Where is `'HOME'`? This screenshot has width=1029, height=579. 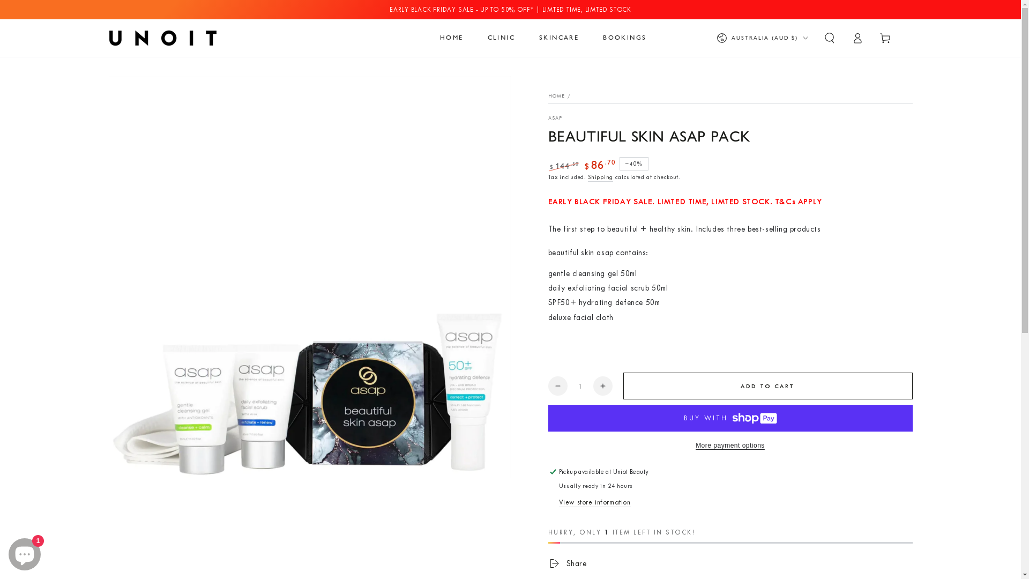
'HOME' is located at coordinates (452, 37).